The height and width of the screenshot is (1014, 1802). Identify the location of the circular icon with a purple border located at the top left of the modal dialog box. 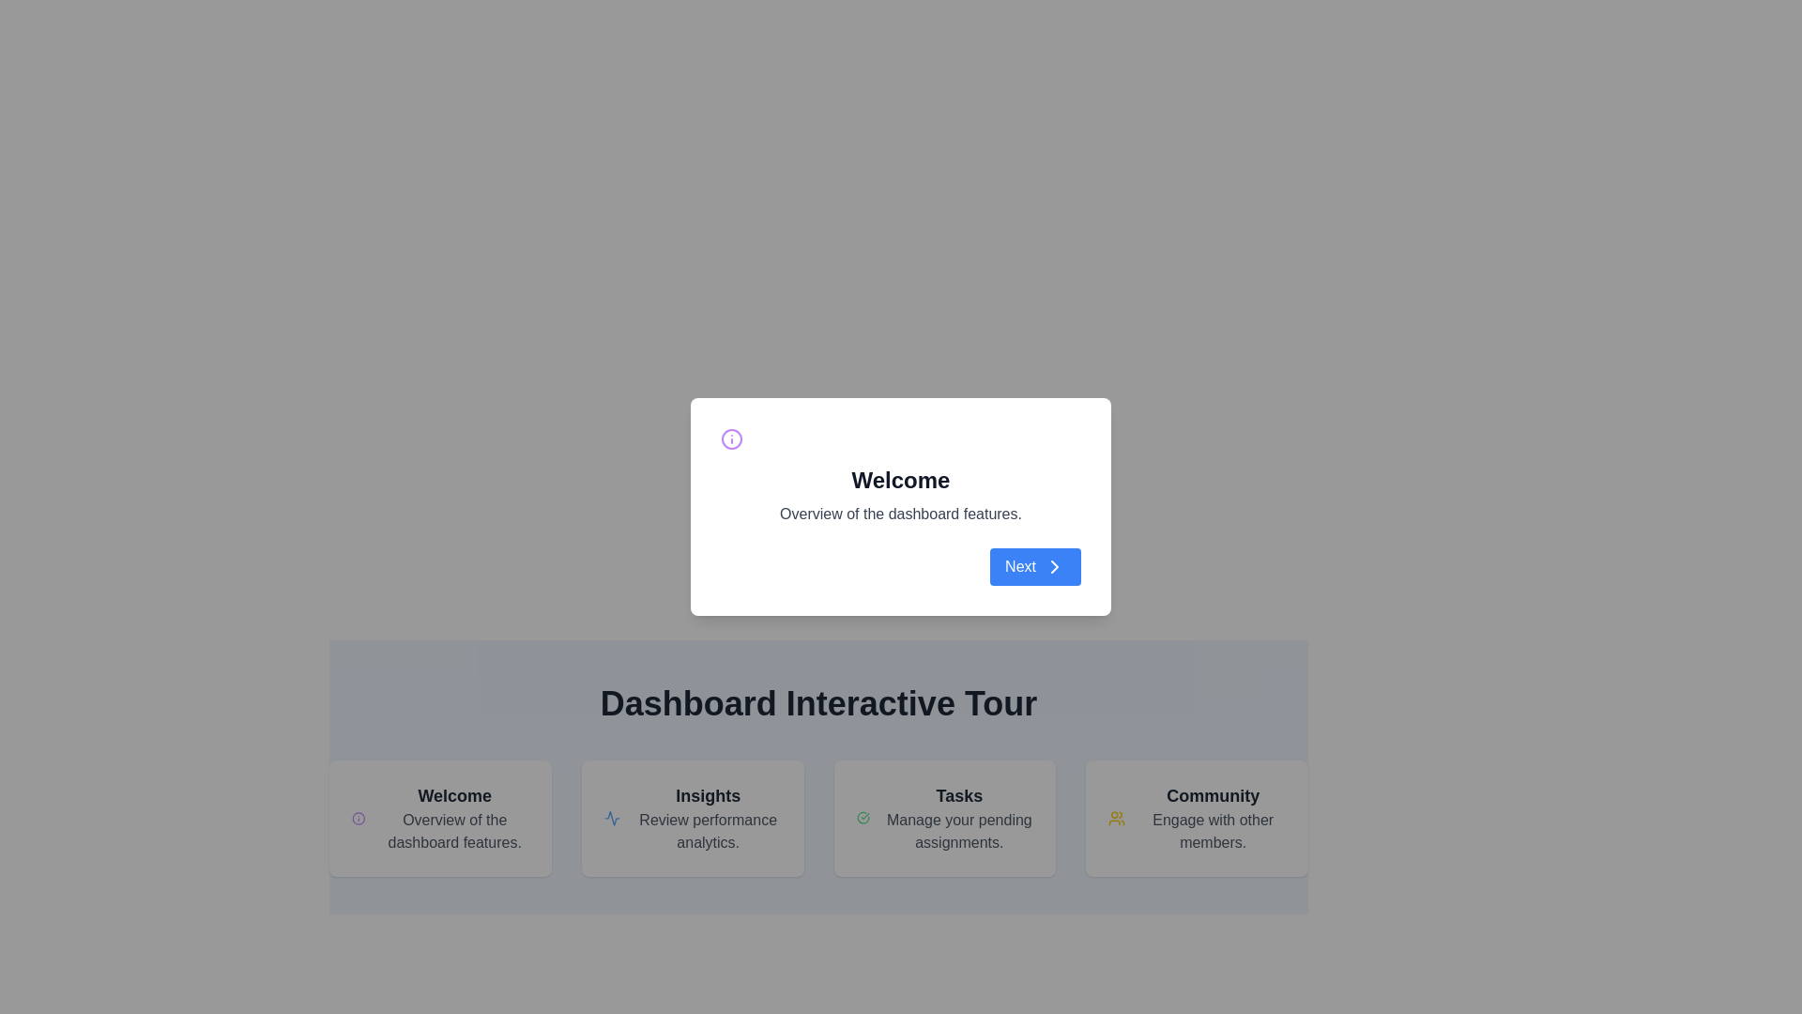
(730, 438).